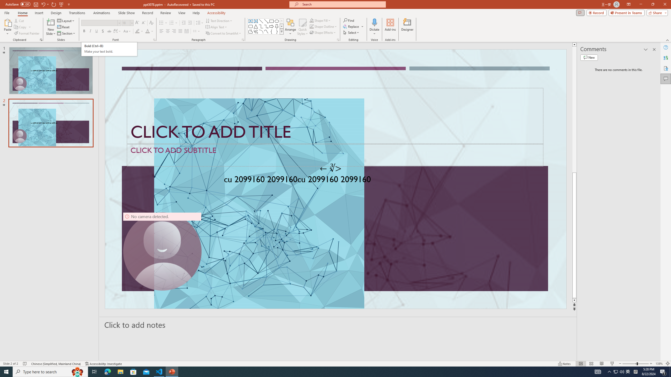 The height and width of the screenshot is (377, 671). What do you see at coordinates (51, 27) in the screenshot?
I see `'New Slide'` at bounding box center [51, 27].